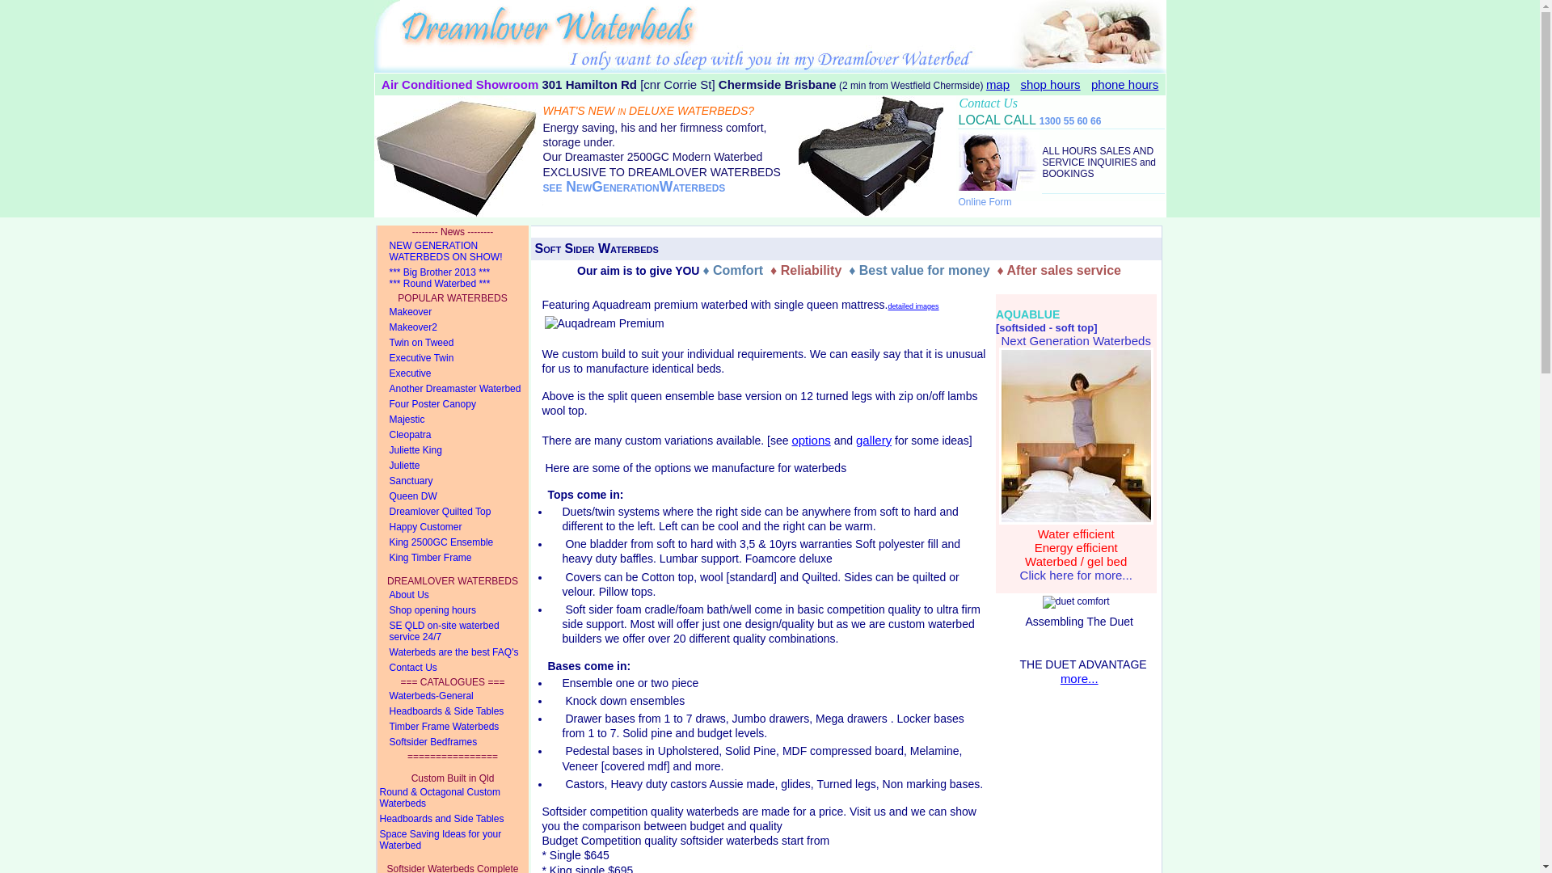 Image resolution: width=1552 pixels, height=873 pixels. Describe the element at coordinates (452, 327) in the screenshot. I see `'Makeover2'` at that location.